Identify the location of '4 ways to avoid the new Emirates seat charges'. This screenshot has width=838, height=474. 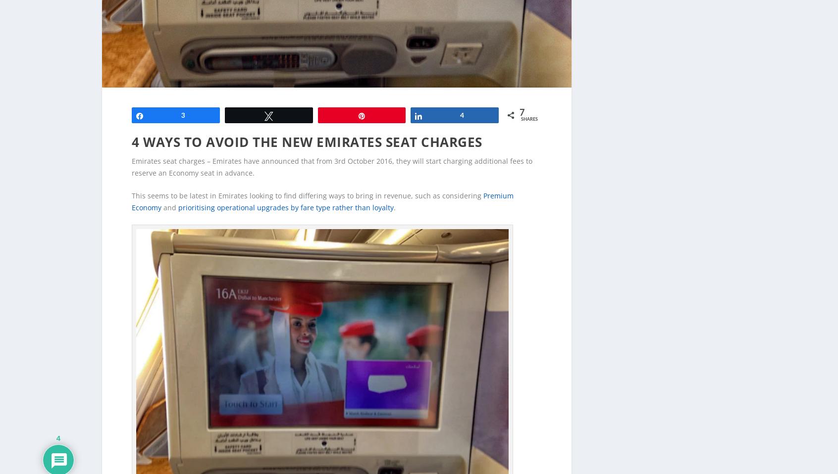
(306, 125).